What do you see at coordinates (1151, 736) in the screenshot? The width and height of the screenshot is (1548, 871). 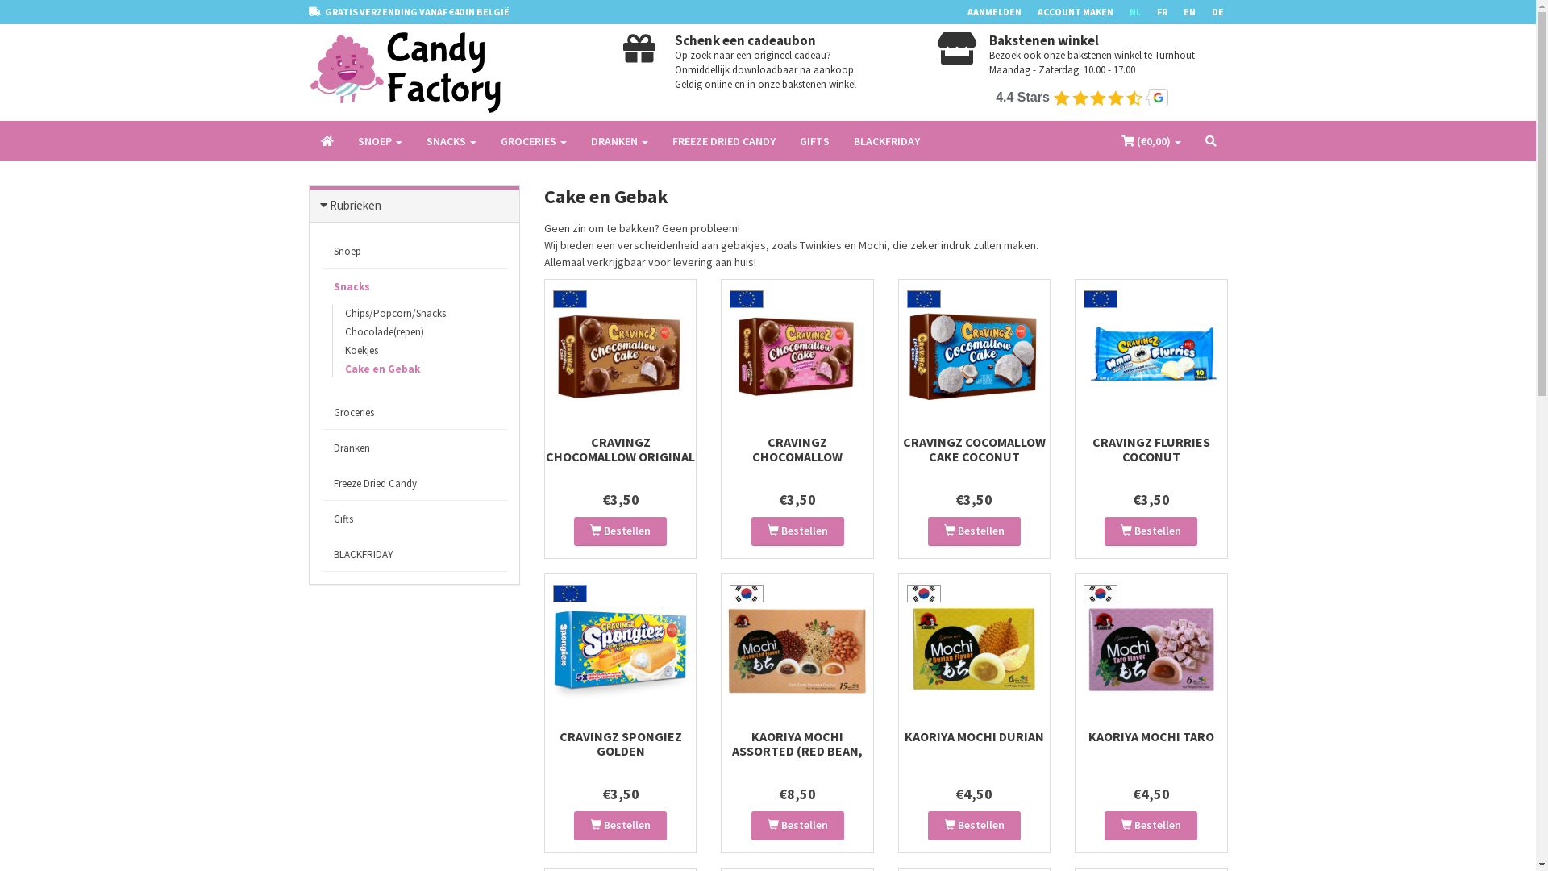 I see `'KAORIYA MOCHI TARO'` at bounding box center [1151, 736].